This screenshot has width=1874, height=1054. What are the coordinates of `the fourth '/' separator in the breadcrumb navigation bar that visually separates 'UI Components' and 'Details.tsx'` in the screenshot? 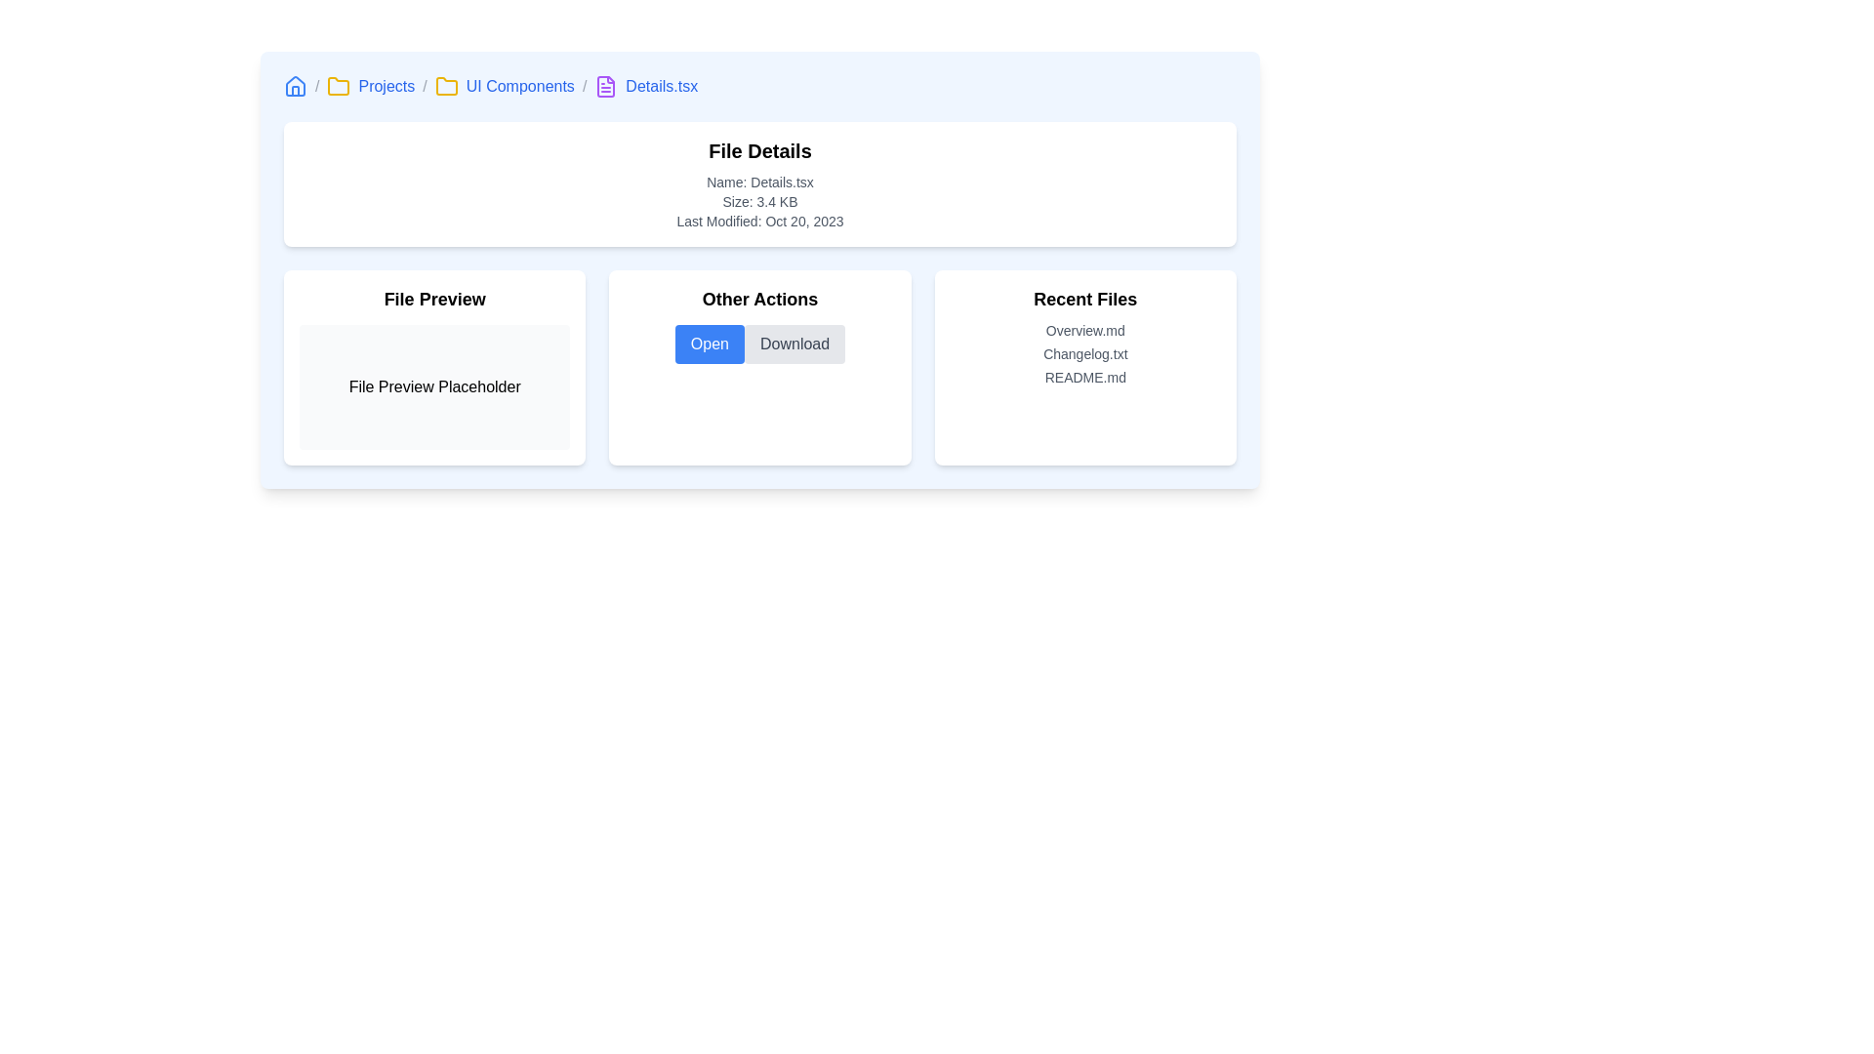 It's located at (584, 85).